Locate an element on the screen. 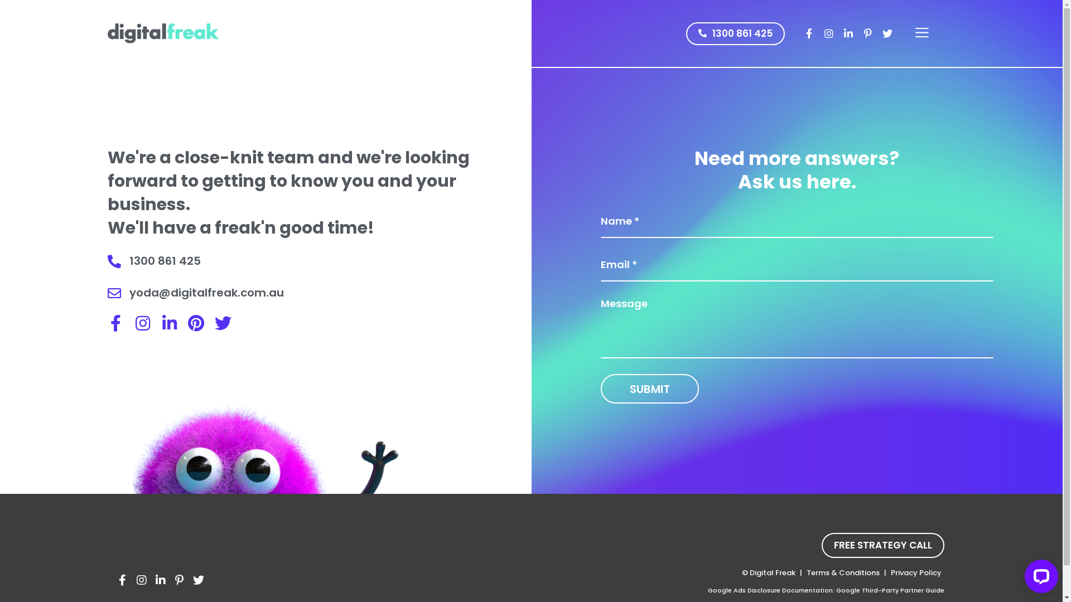 This screenshot has width=1071, height=602. 'FREE STRATEGY CALL' is located at coordinates (882, 545).